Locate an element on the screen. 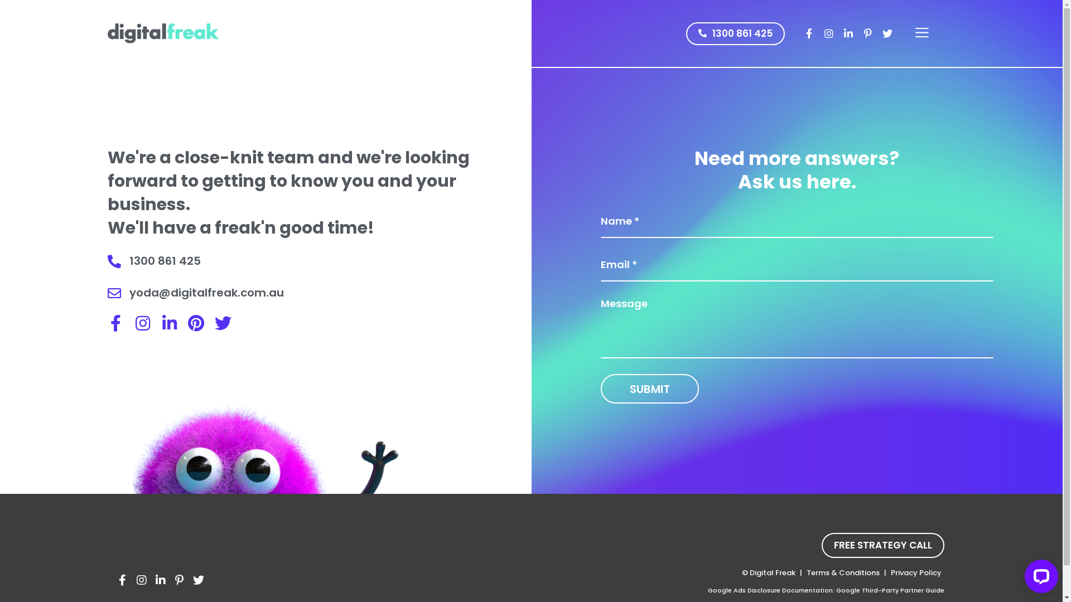 This screenshot has width=1071, height=602. 'FREE STRATEGY CALL' is located at coordinates (882, 545).